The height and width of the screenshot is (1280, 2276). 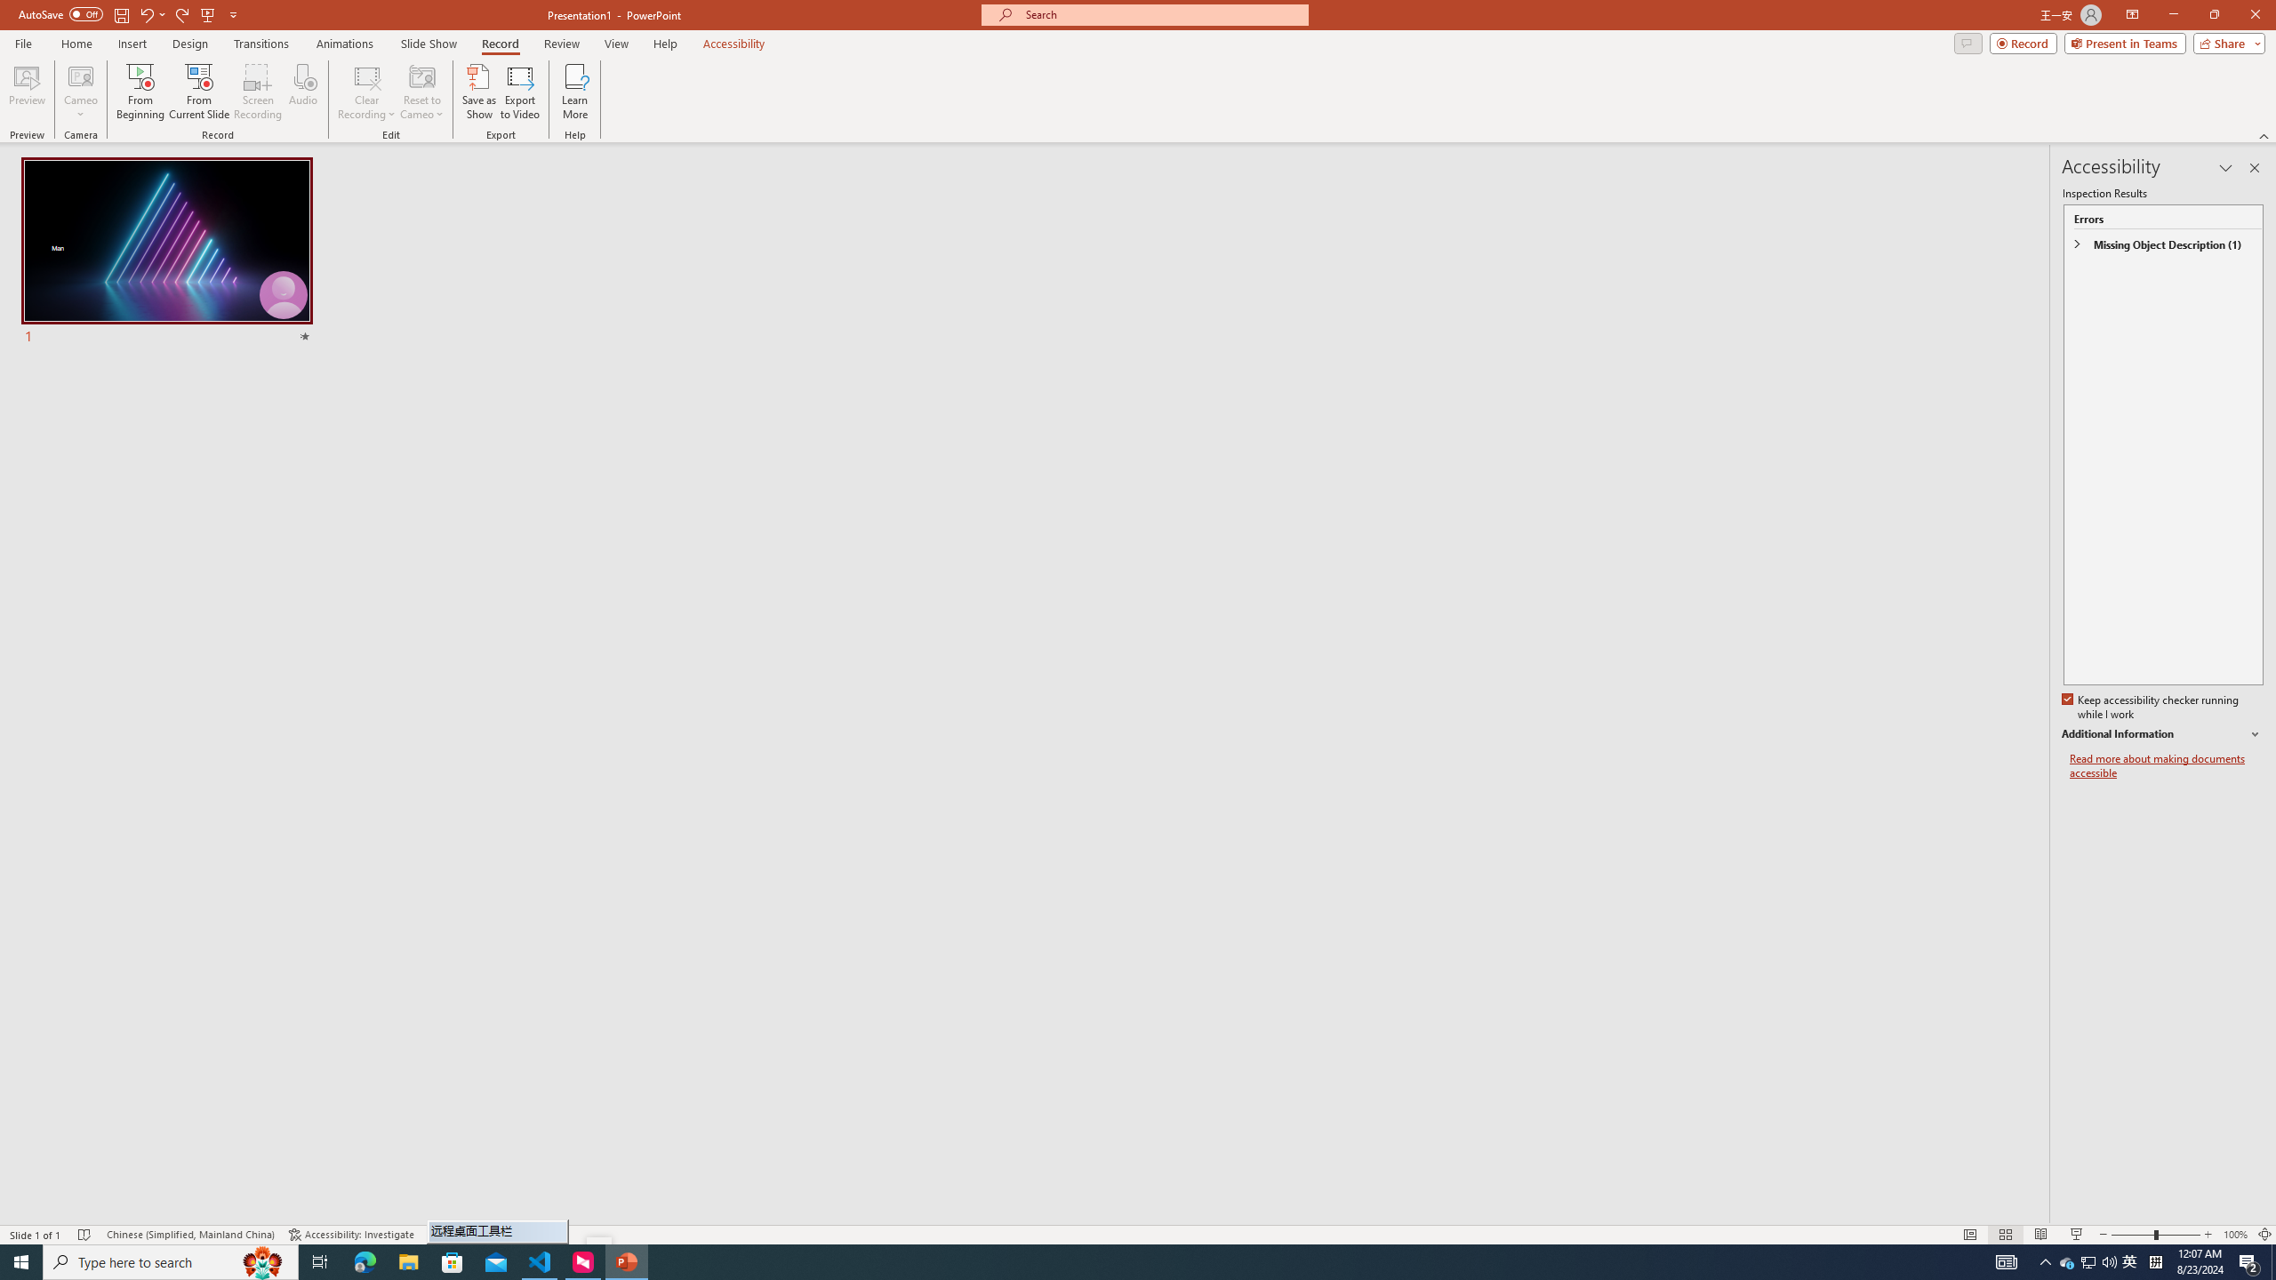 I want to click on 'Microsoft search', so click(x=1159, y=14).